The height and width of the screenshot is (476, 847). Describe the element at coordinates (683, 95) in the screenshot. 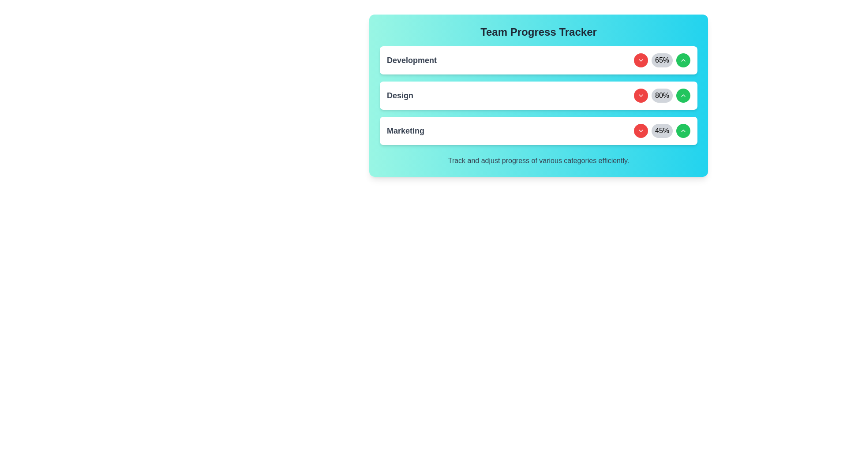

I see `the green circular icon with an upward-pointing chevron on the rightmost side of the second row in the three-row list interface` at that location.